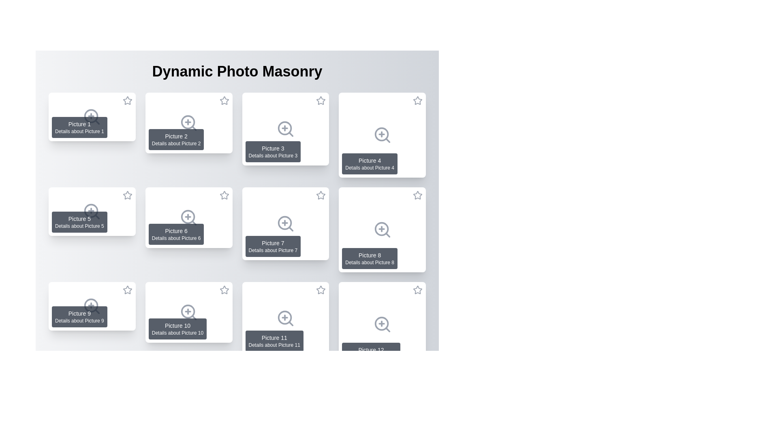 The height and width of the screenshot is (437, 778). I want to click on the circular icon button with a magnifying glass and plus symbol, located at the center of the lower left content card for 'Picture 9', so click(92, 306).